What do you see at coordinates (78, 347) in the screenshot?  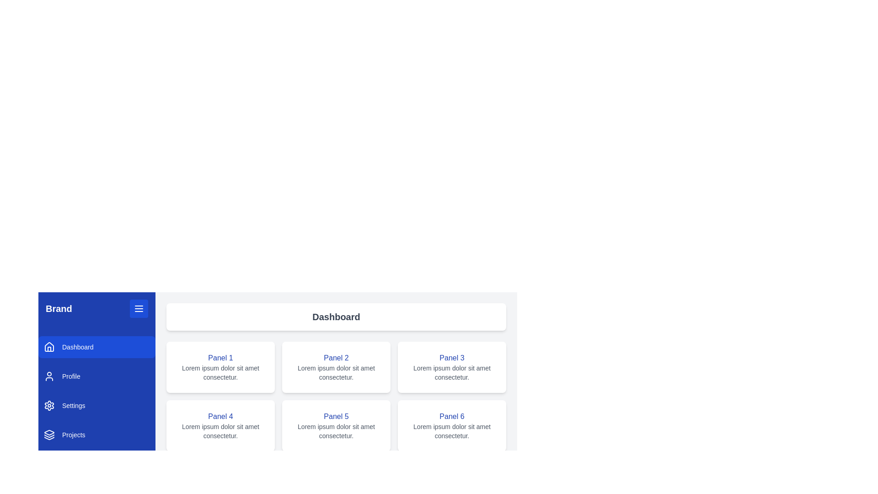 I see `the 'Dashboard' button which contains the text label 'Dashboard' styled in white on a blue background, located in the left vertical navigation bar` at bounding box center [78, 347].